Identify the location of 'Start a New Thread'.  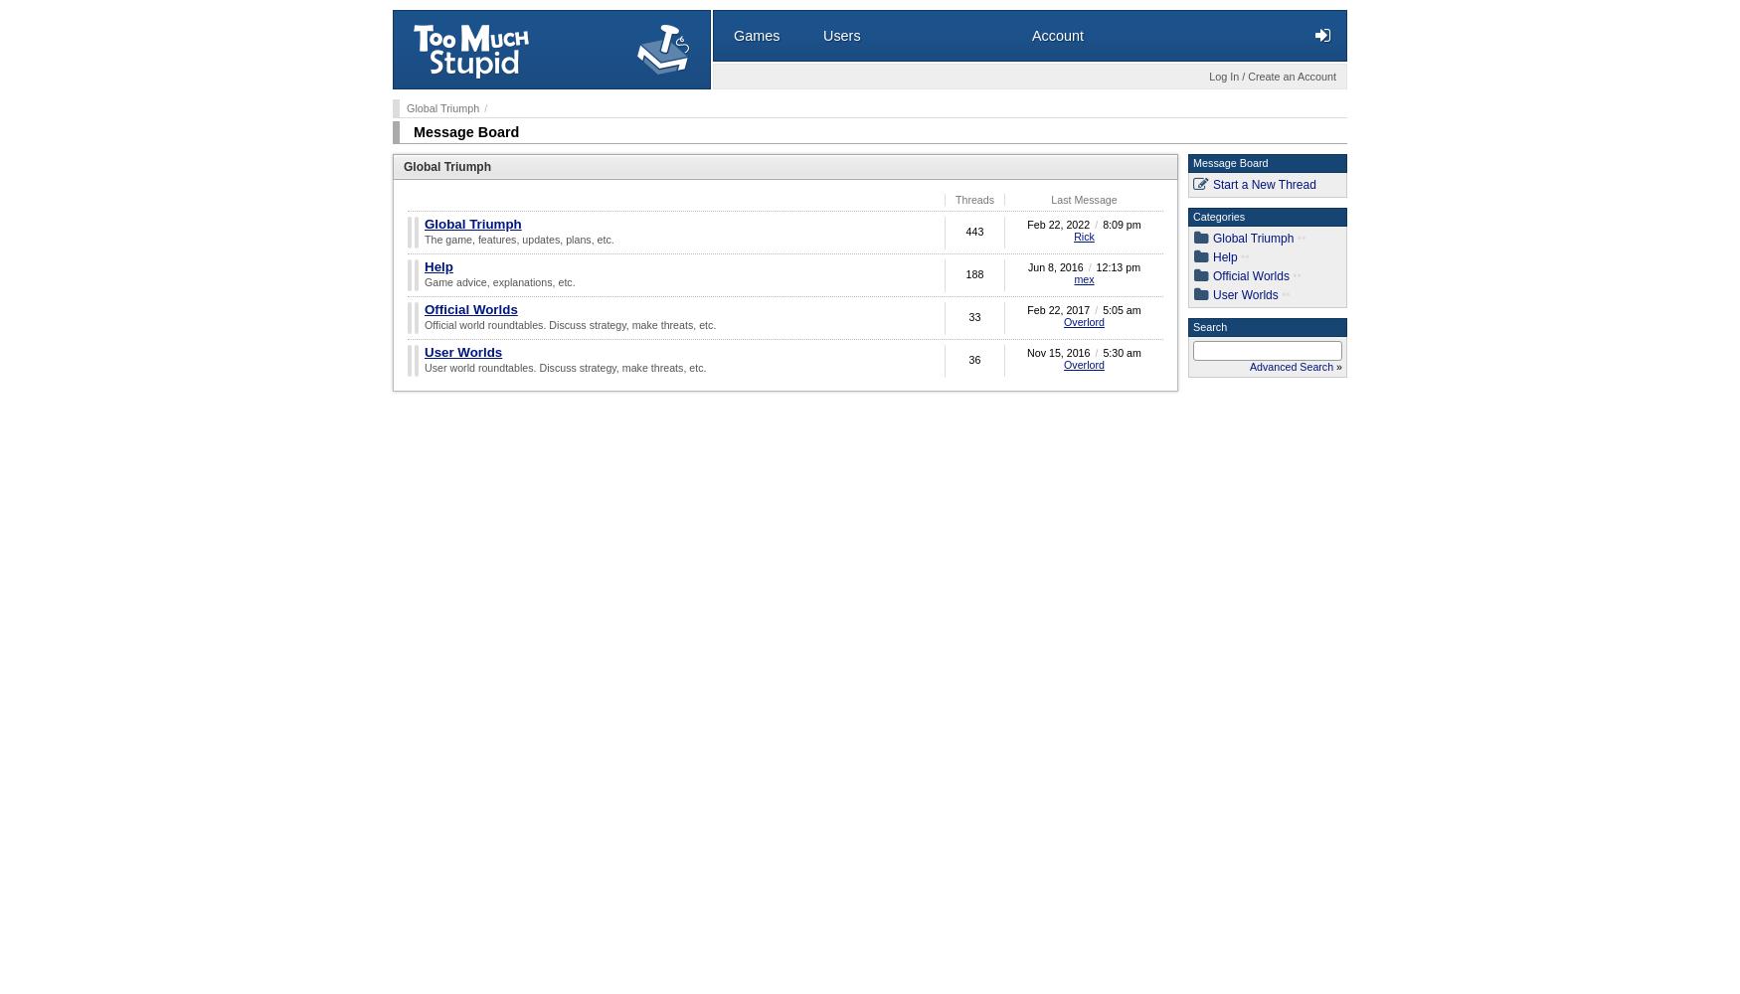
(1212, 185).